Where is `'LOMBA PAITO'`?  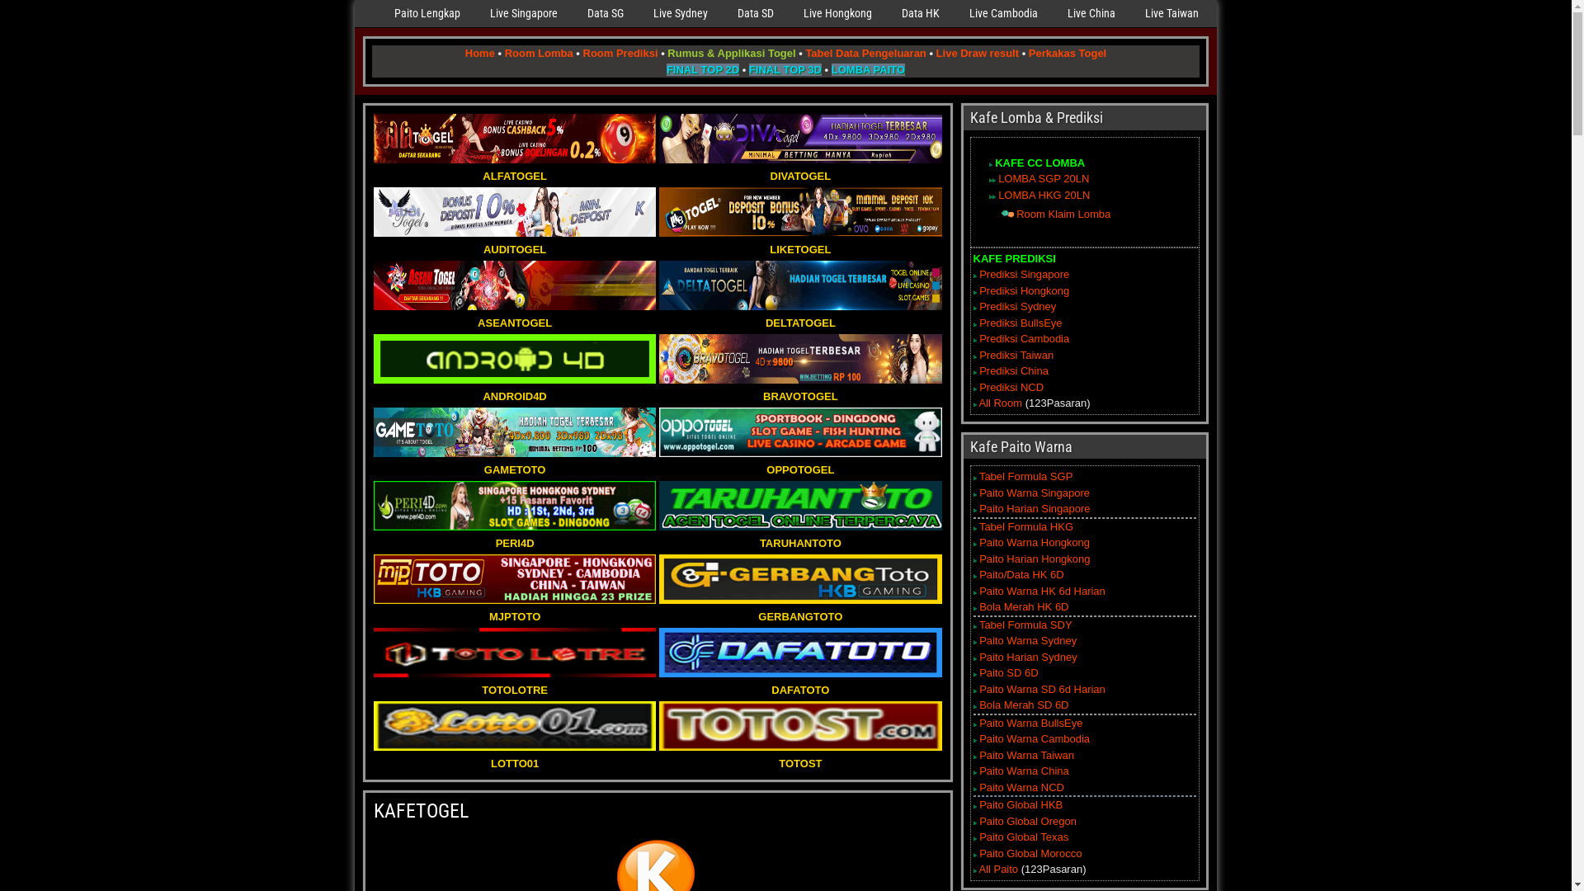 'LOMBA PAITO' is located at coordinates (832, 68).